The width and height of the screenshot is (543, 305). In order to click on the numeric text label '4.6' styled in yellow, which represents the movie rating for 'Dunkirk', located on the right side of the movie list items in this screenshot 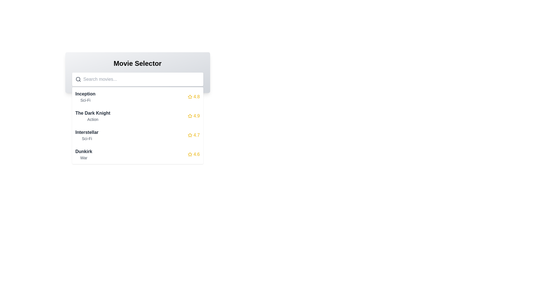, I will do `click(197, 154)`.